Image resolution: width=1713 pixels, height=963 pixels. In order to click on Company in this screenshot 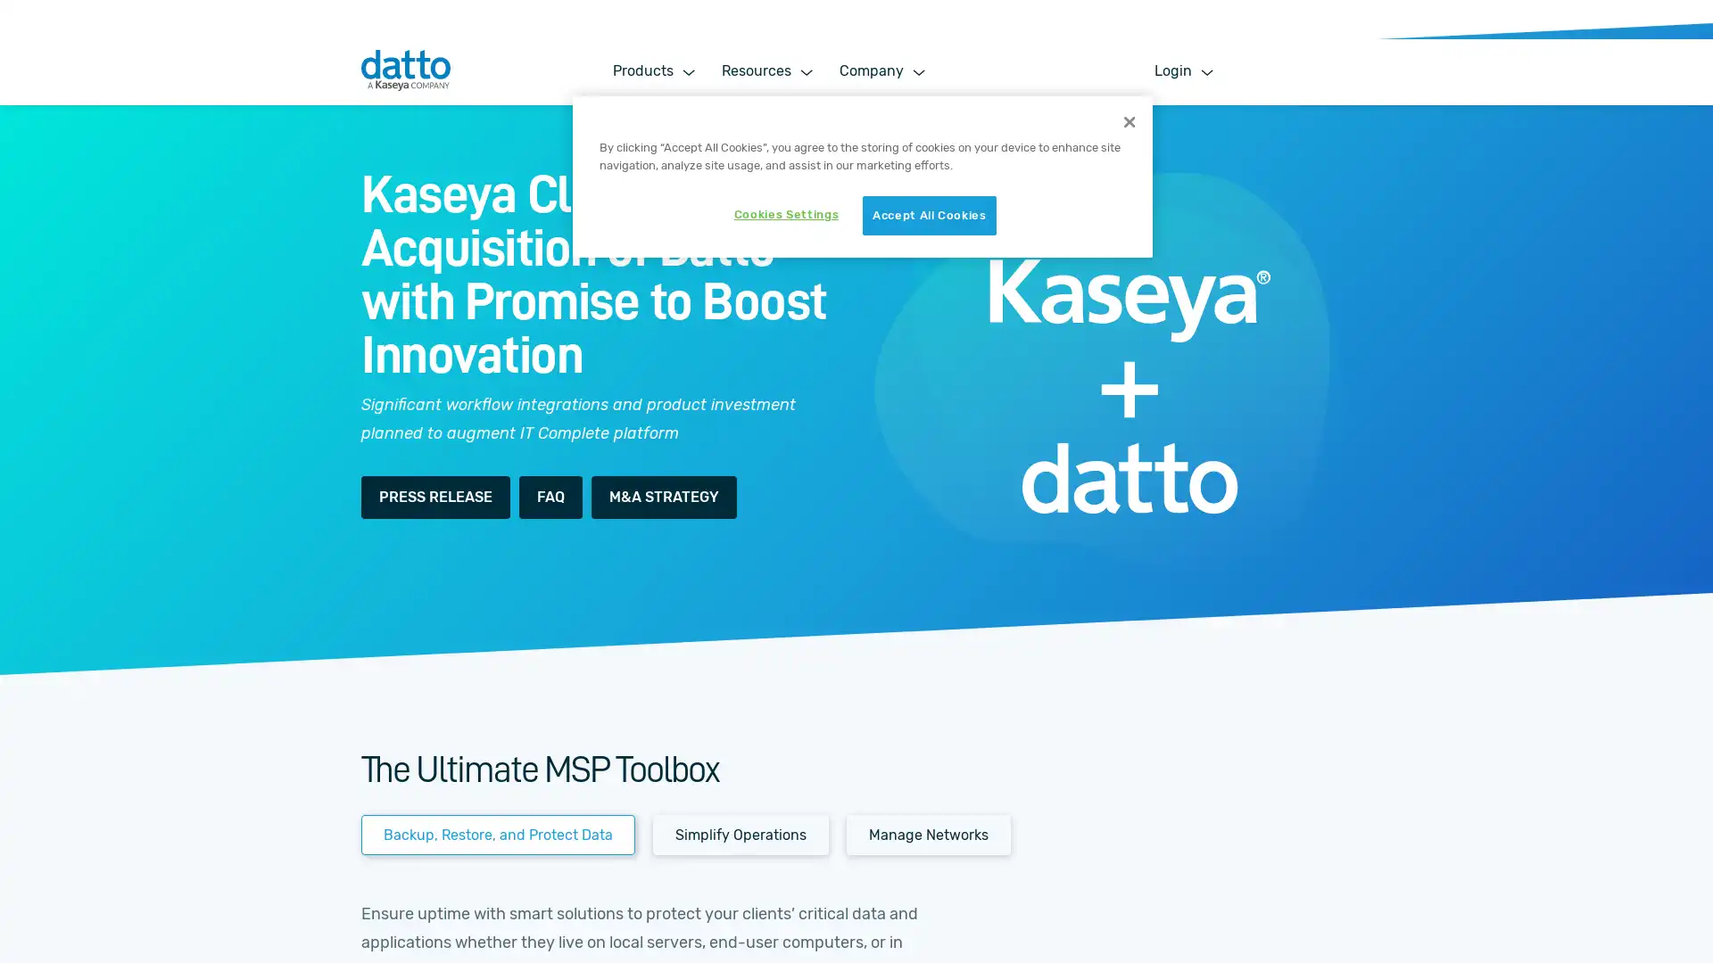, I will do `click(865, 70)`.